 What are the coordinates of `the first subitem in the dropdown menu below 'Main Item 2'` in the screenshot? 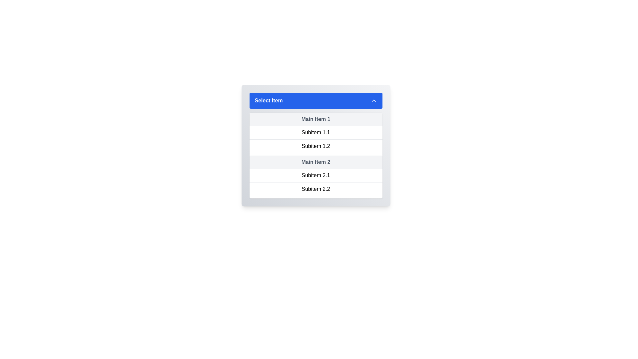 It's located at (315, 175).